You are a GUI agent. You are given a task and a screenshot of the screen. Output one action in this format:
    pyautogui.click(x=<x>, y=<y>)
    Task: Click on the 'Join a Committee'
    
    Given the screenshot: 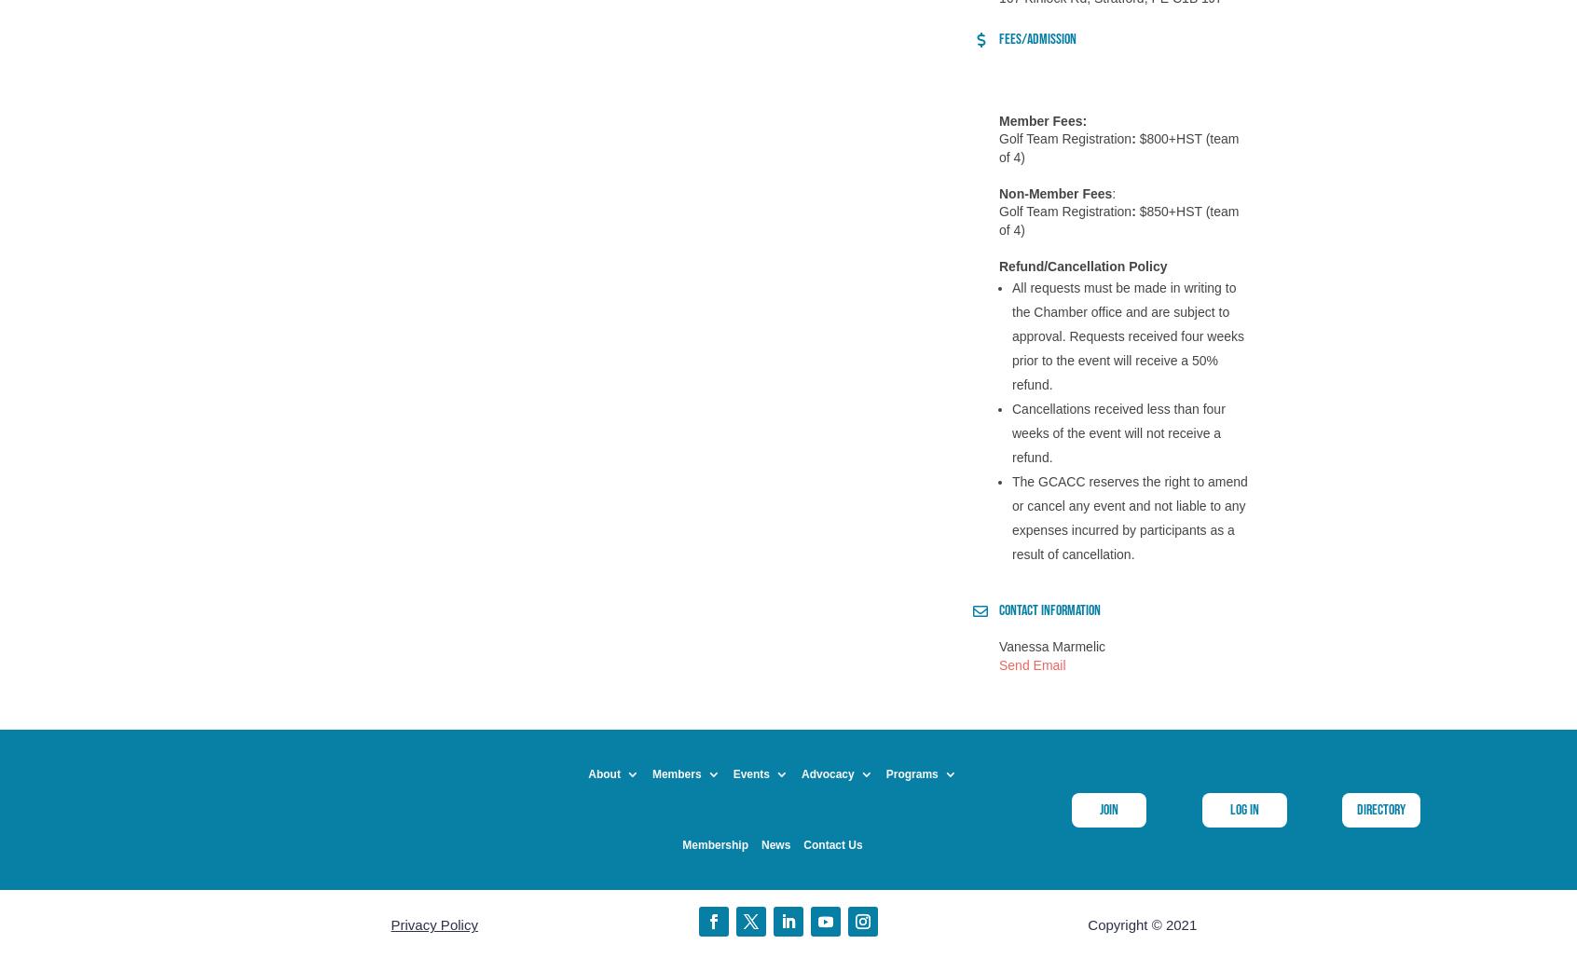 What is the action you would take?
    pyautogui.click(x=665, y=661)
    